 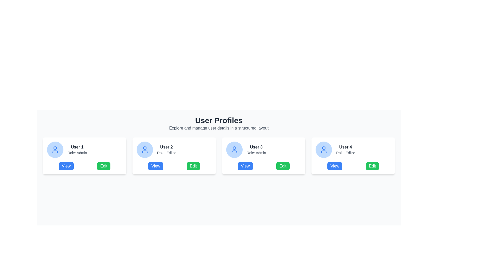 I want to click on the text label located below the bolded text 'User 1' in the first user card under the 'User Profiles' heading, so click(x=77, y=153).